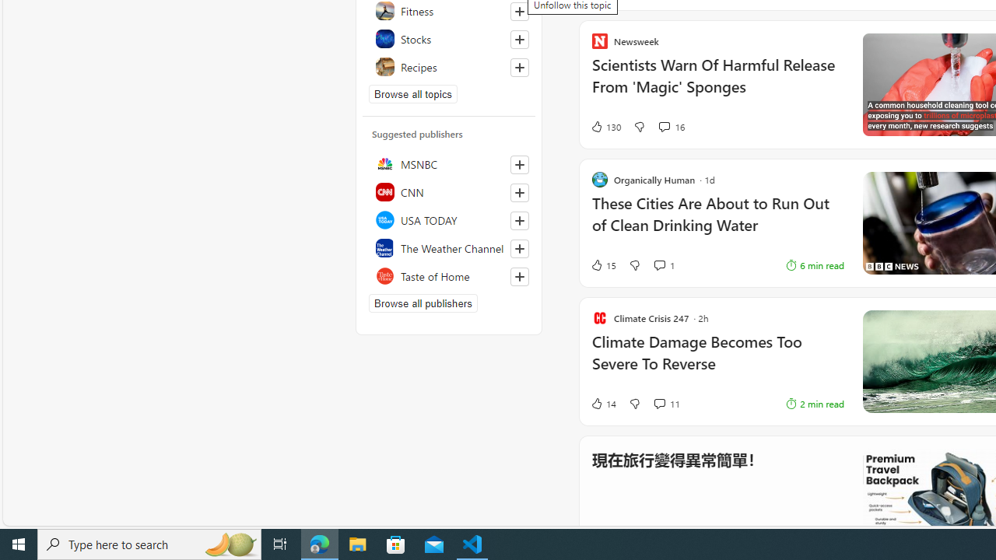 This screenshot has width=996, height=560. Describe the element at coordinates (448, 275) in the screenshot. I see `'Taste of Home'` at that location.